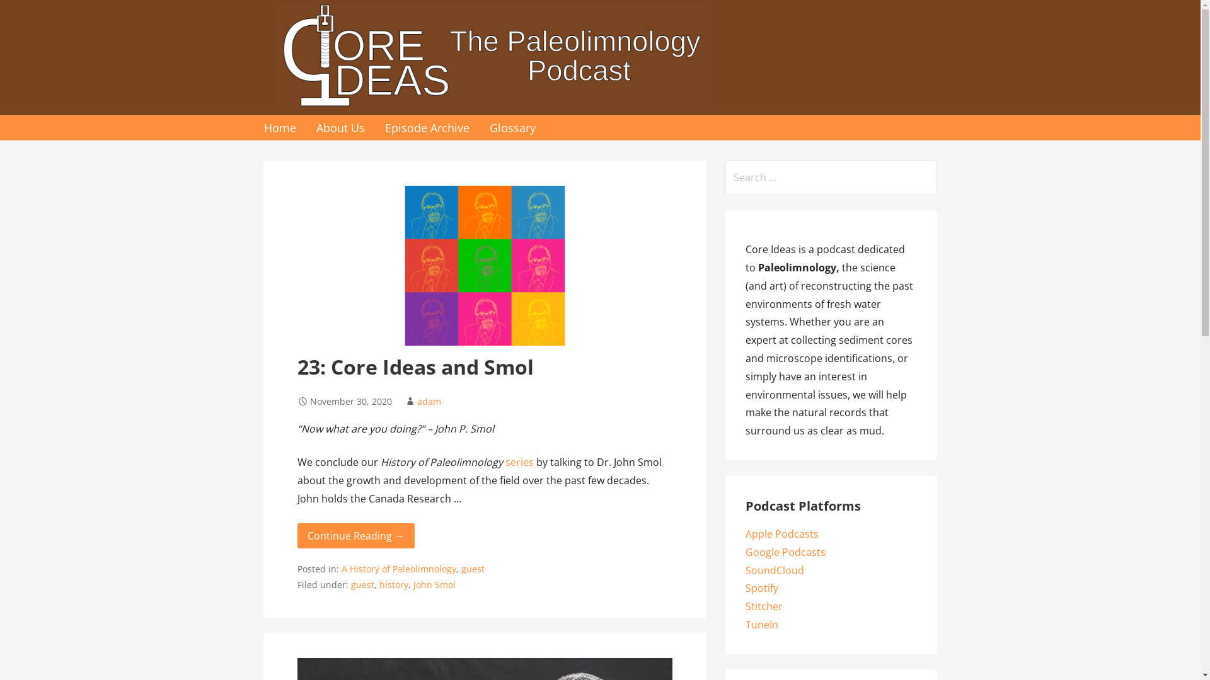  Describe the element at coordinates (761, 624) in the screenshot. I see `'TuneIn'` at that location.